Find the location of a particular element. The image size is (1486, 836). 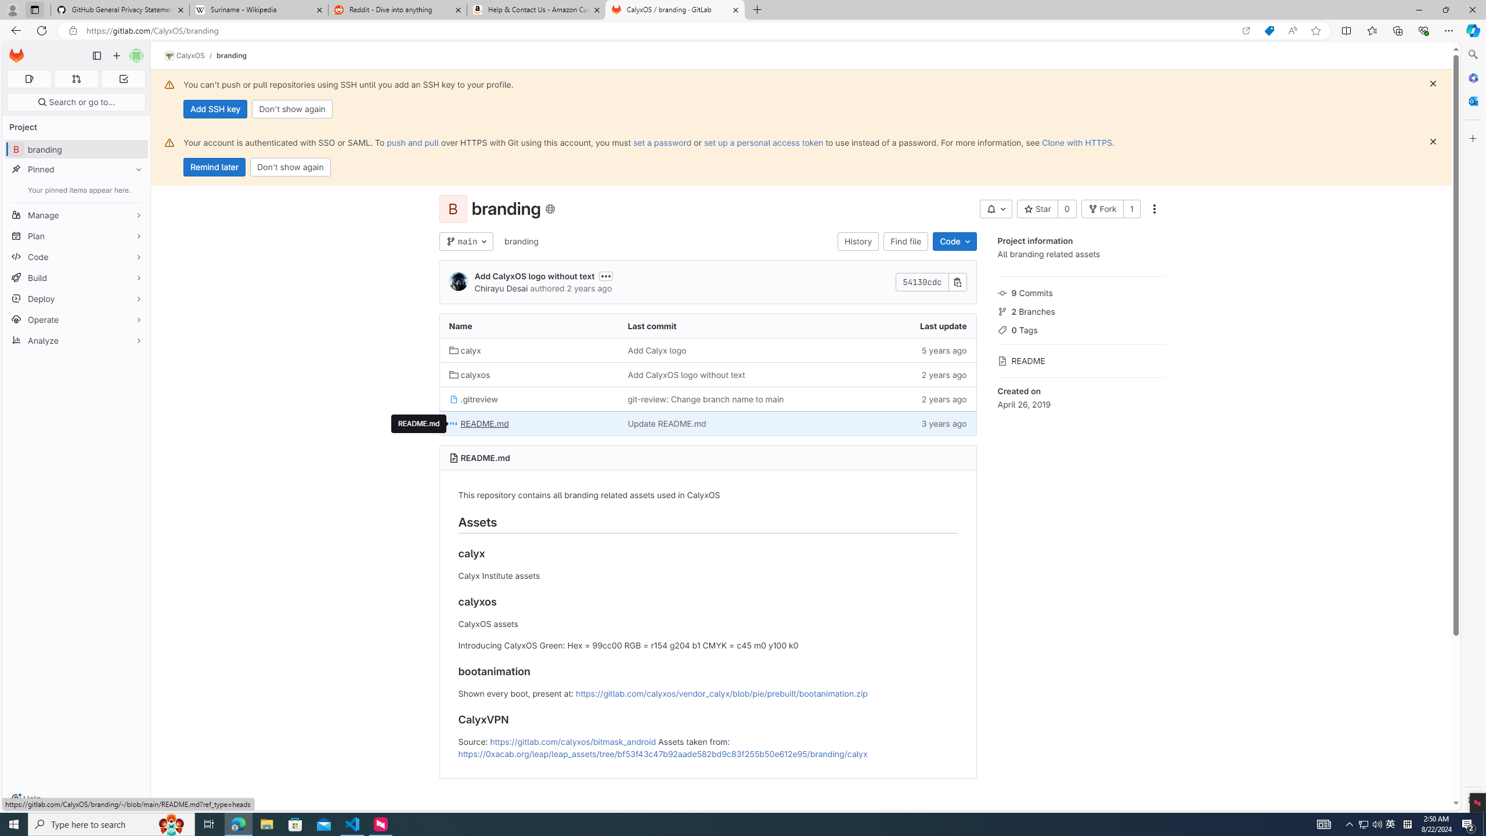

'git-review: Change branch name to main' is located at coordinates (705, 398).